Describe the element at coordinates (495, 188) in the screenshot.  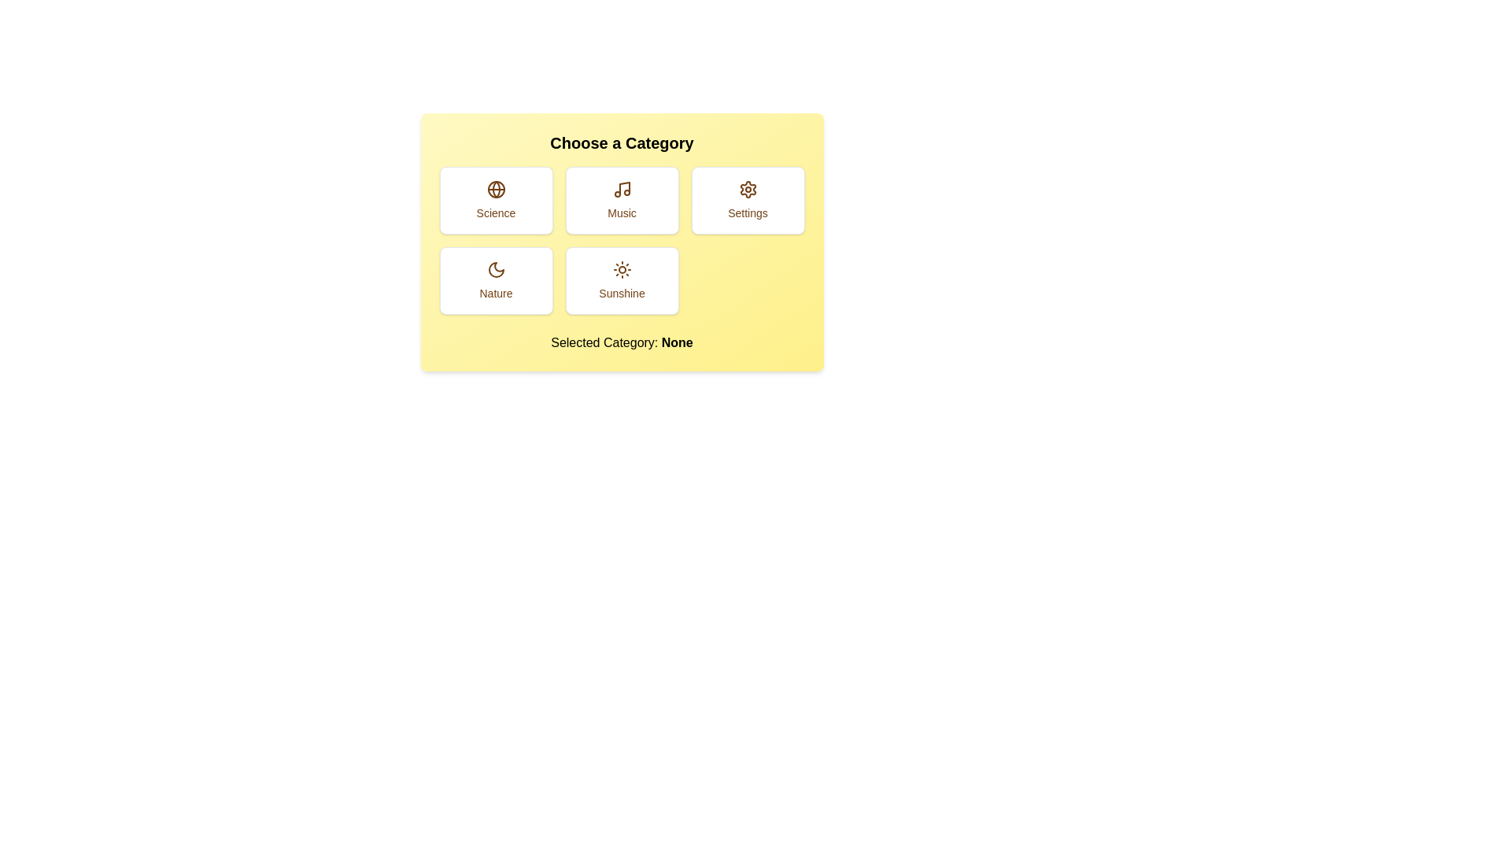
I see `the globe icon with a brown outline located at the top-center of the 'Science' card` at that location.